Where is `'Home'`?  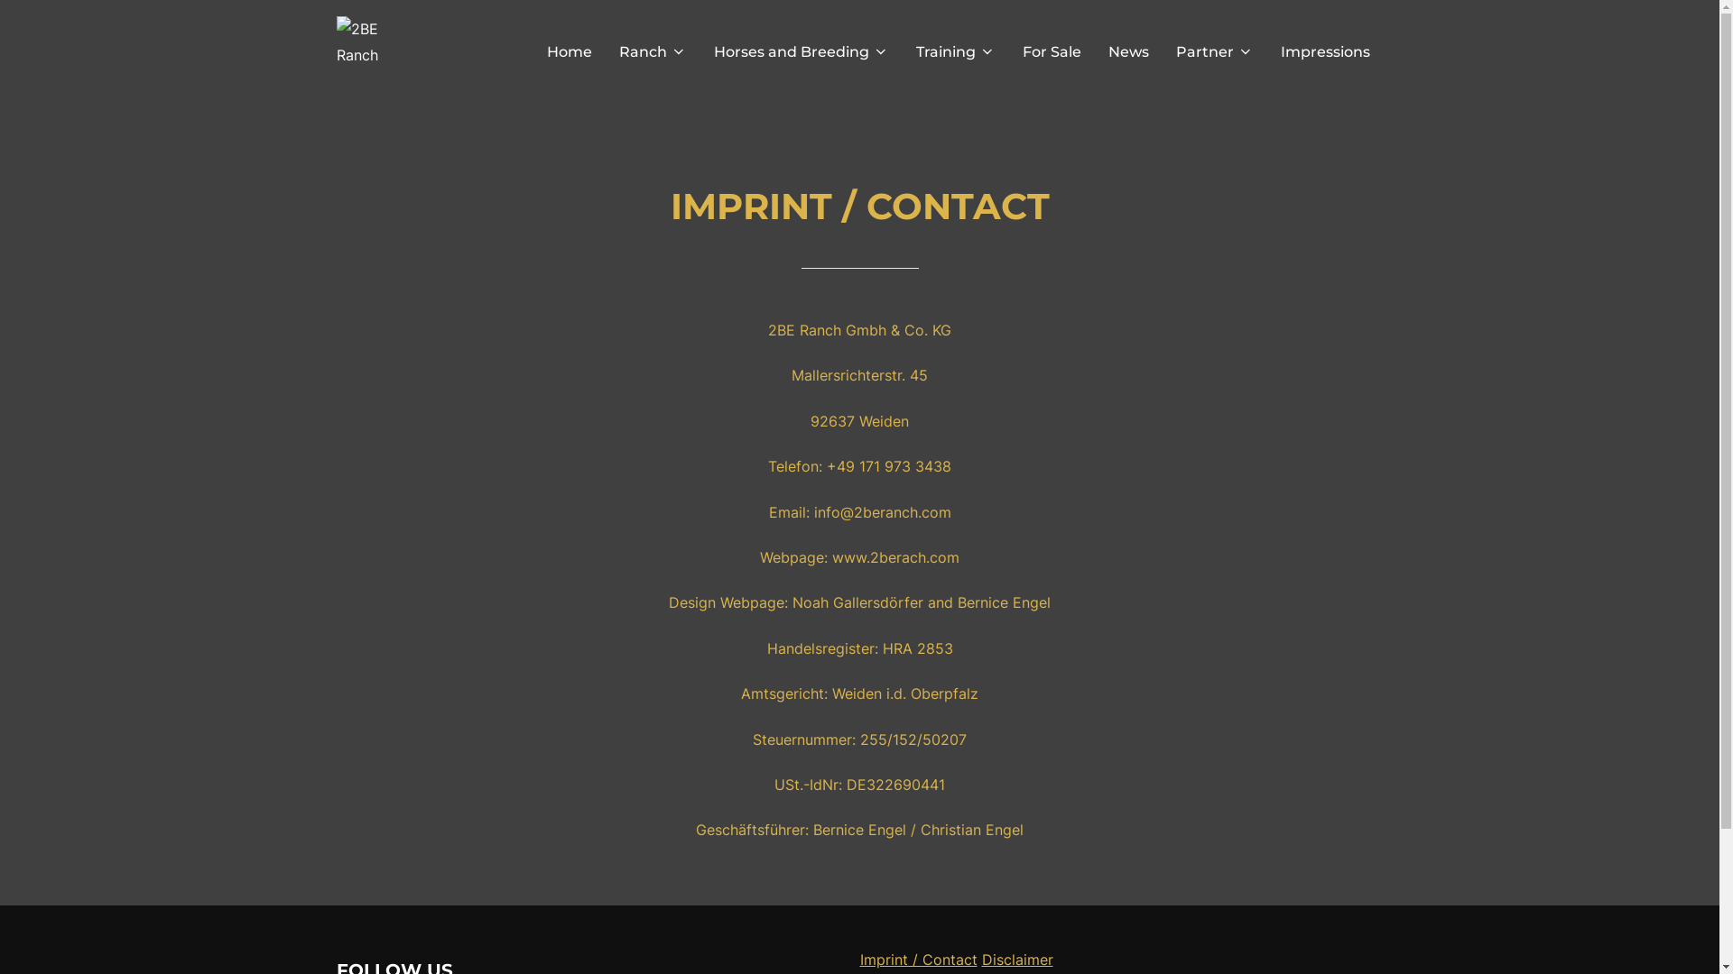 'Home' is located at coordinates (568, 51).